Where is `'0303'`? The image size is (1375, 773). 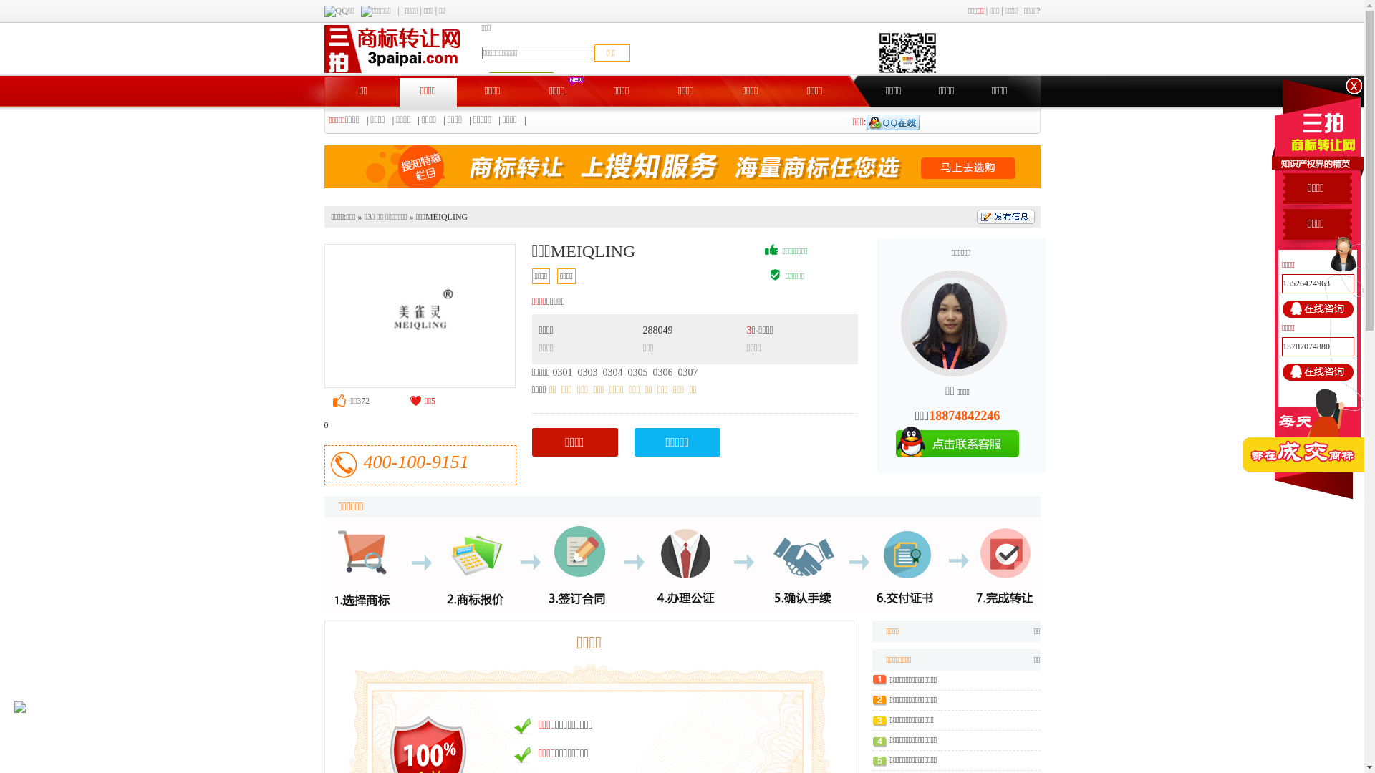
'0303' is located at coordinates (587, 371).